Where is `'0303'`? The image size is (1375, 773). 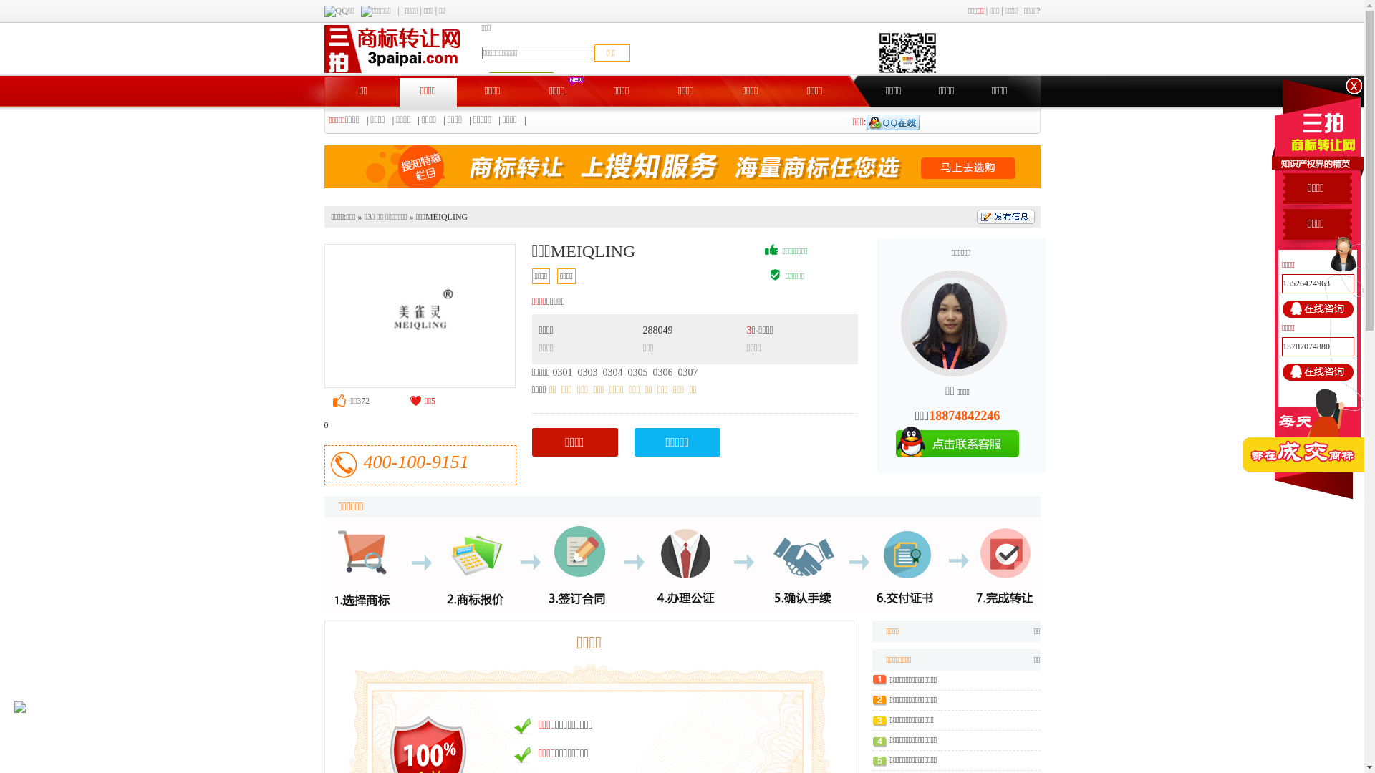
'0303' is located at coordinates (587, 371).